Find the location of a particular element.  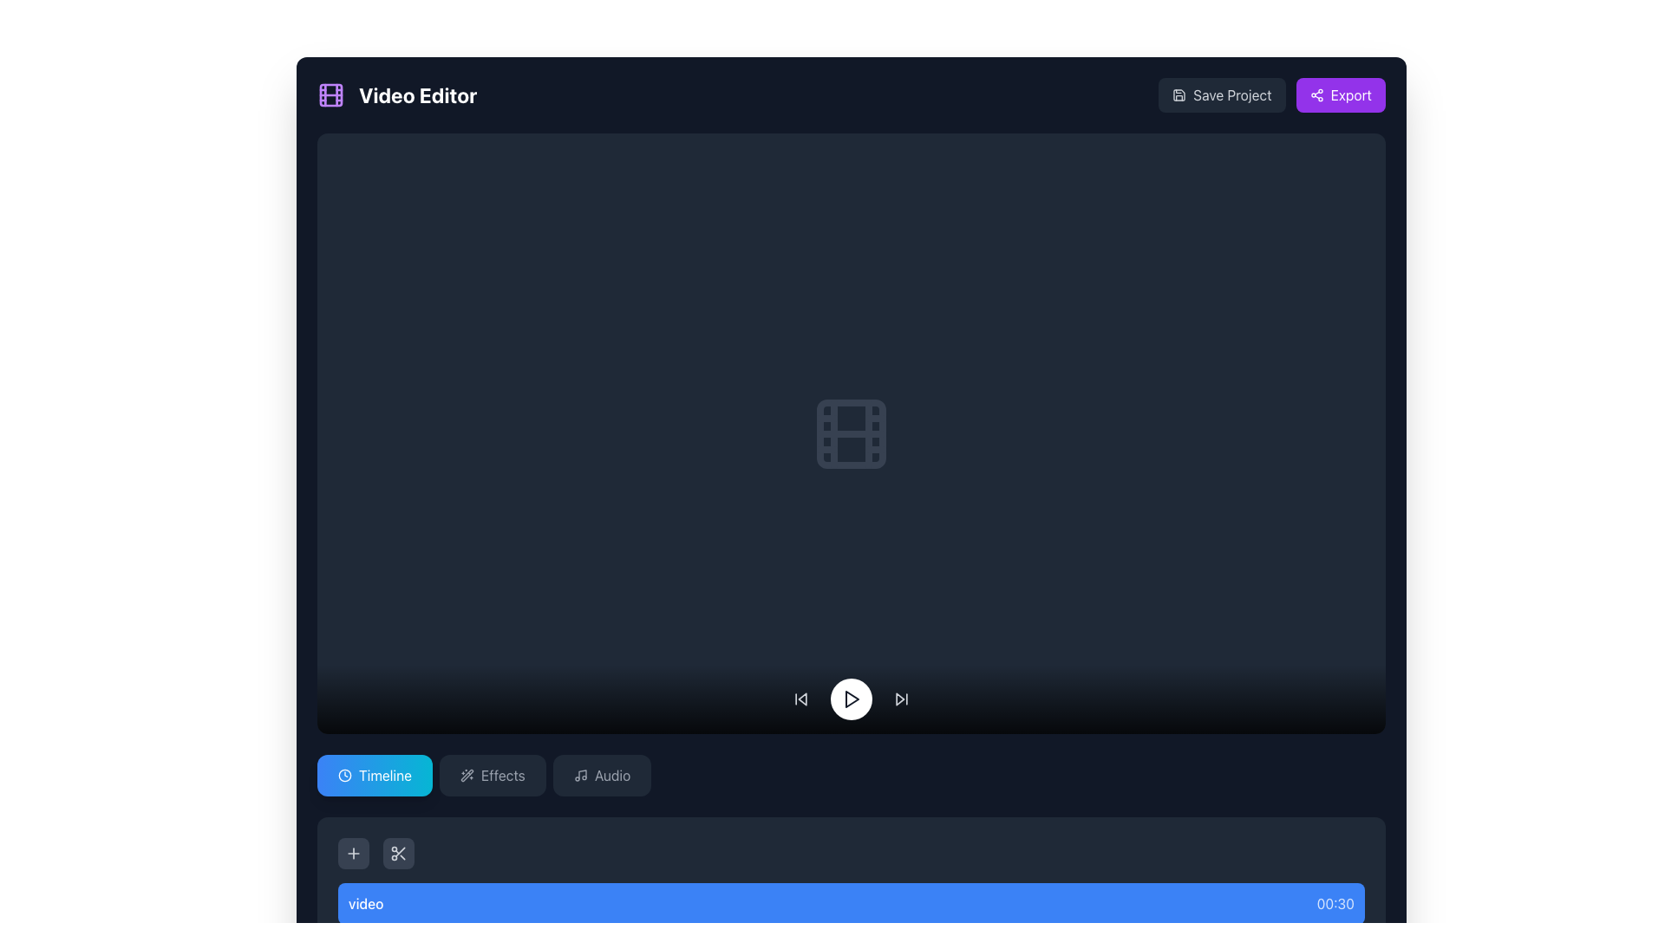

the forward navigation button represented by a right-pointing arrow and vertical line, which is styled gray and changes to white on hover, located in the middle bottom row of the interface is located at coordinates (902, 698).